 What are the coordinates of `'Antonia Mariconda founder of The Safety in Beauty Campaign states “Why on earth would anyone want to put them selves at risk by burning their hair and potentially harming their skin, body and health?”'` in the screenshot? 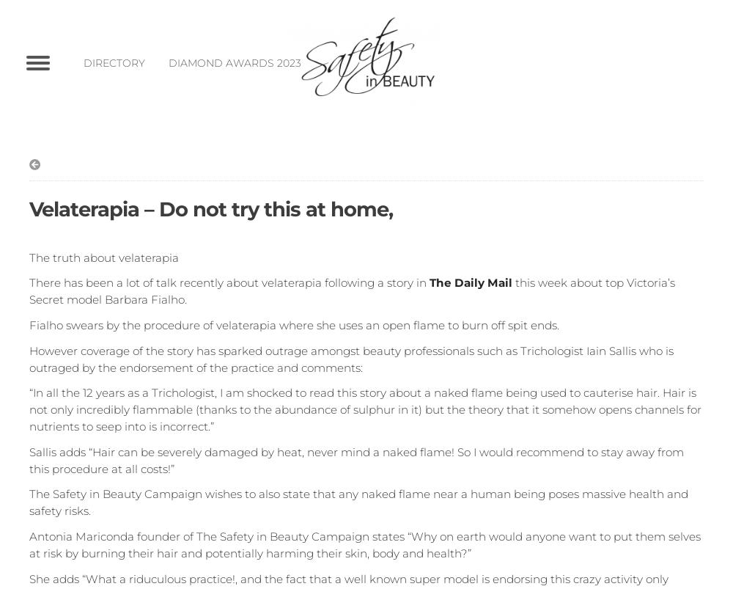 It's located at (364, 544).